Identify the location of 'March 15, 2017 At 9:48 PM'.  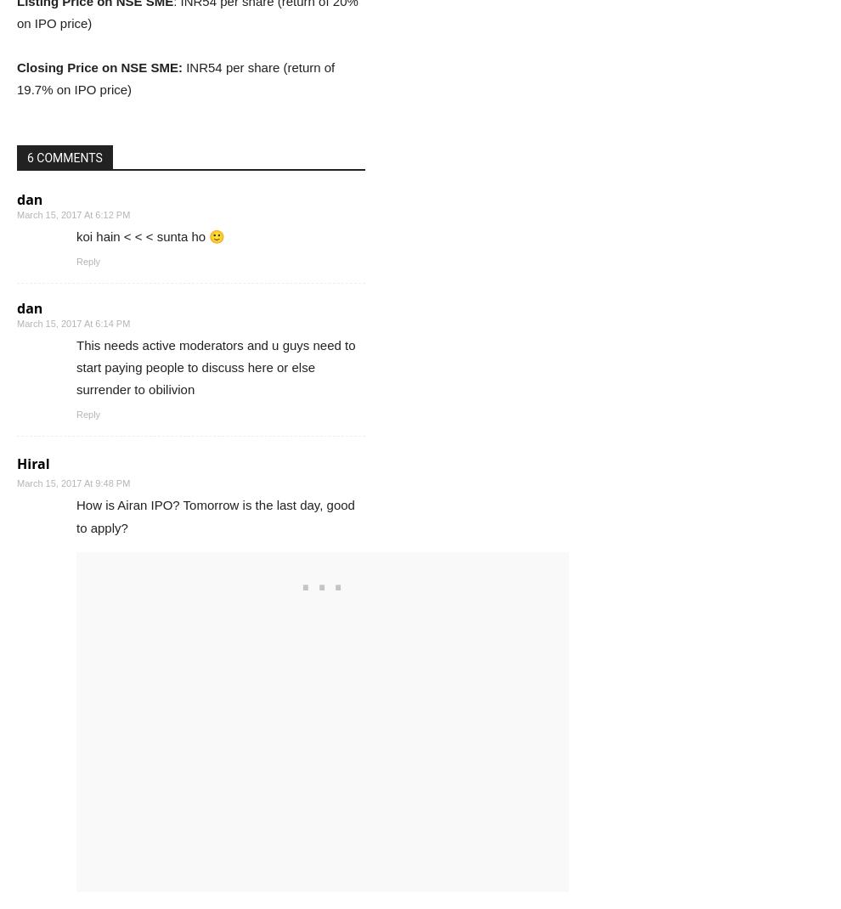
(15, 483).